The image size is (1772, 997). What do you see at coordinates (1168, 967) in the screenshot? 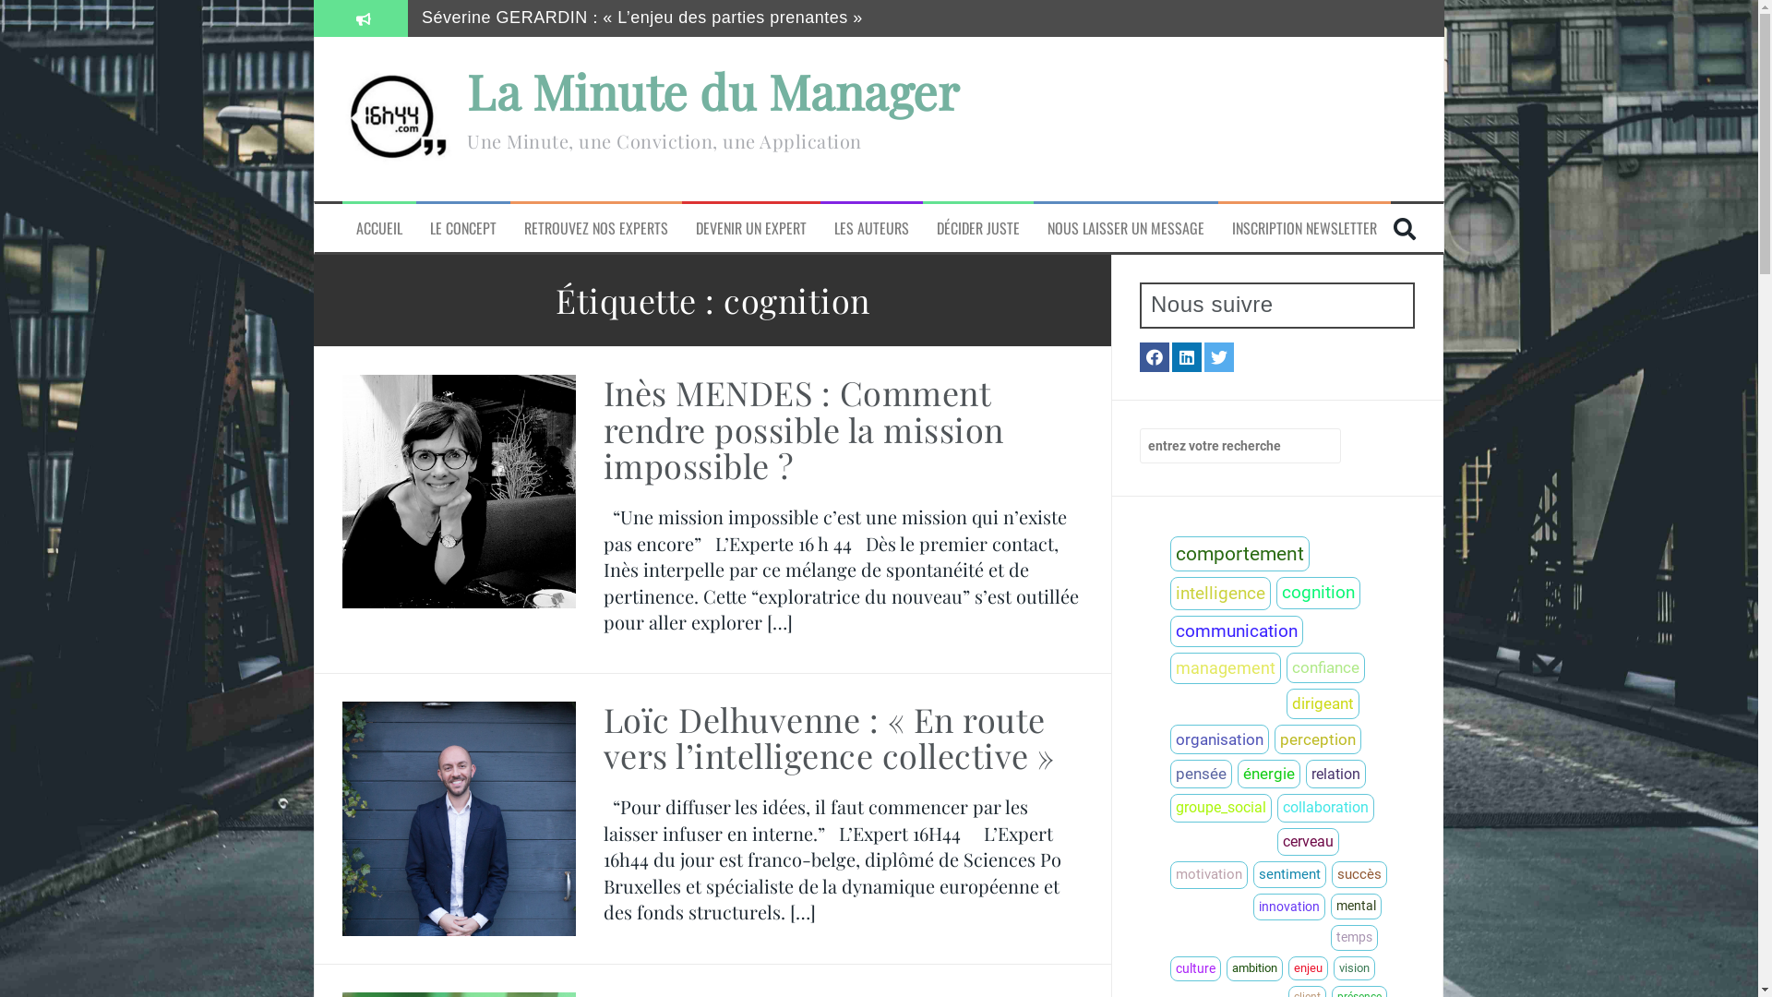
I see `'culture'` at bounding box center [1168, 967].